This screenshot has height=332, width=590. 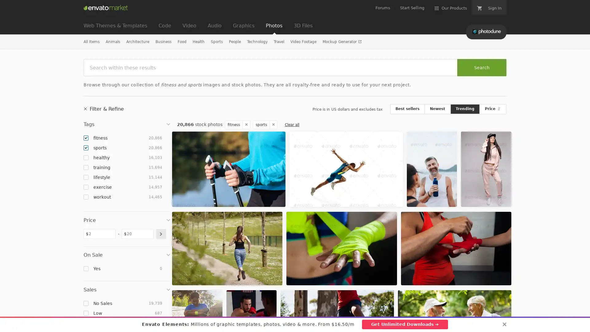 I want to click on Add to Favorites, so click(x=268, y=298).